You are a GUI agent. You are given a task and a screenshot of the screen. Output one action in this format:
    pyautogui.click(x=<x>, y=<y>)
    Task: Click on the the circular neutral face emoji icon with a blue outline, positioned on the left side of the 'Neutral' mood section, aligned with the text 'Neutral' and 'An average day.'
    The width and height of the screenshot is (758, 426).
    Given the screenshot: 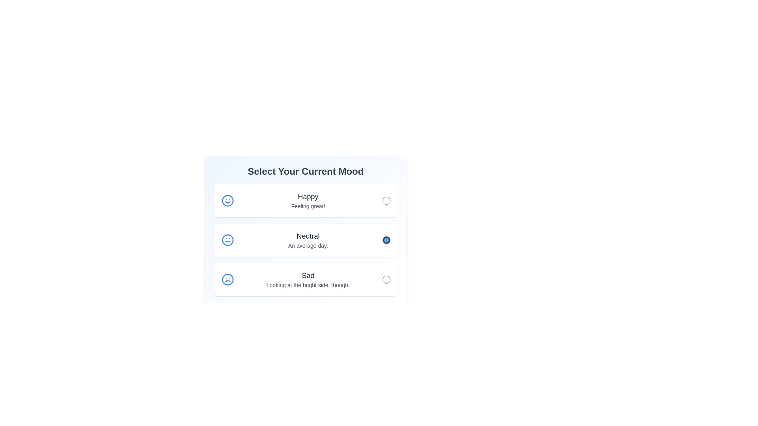 What is the action you would take?
    pyautogui.click(x=227, y=240)
    